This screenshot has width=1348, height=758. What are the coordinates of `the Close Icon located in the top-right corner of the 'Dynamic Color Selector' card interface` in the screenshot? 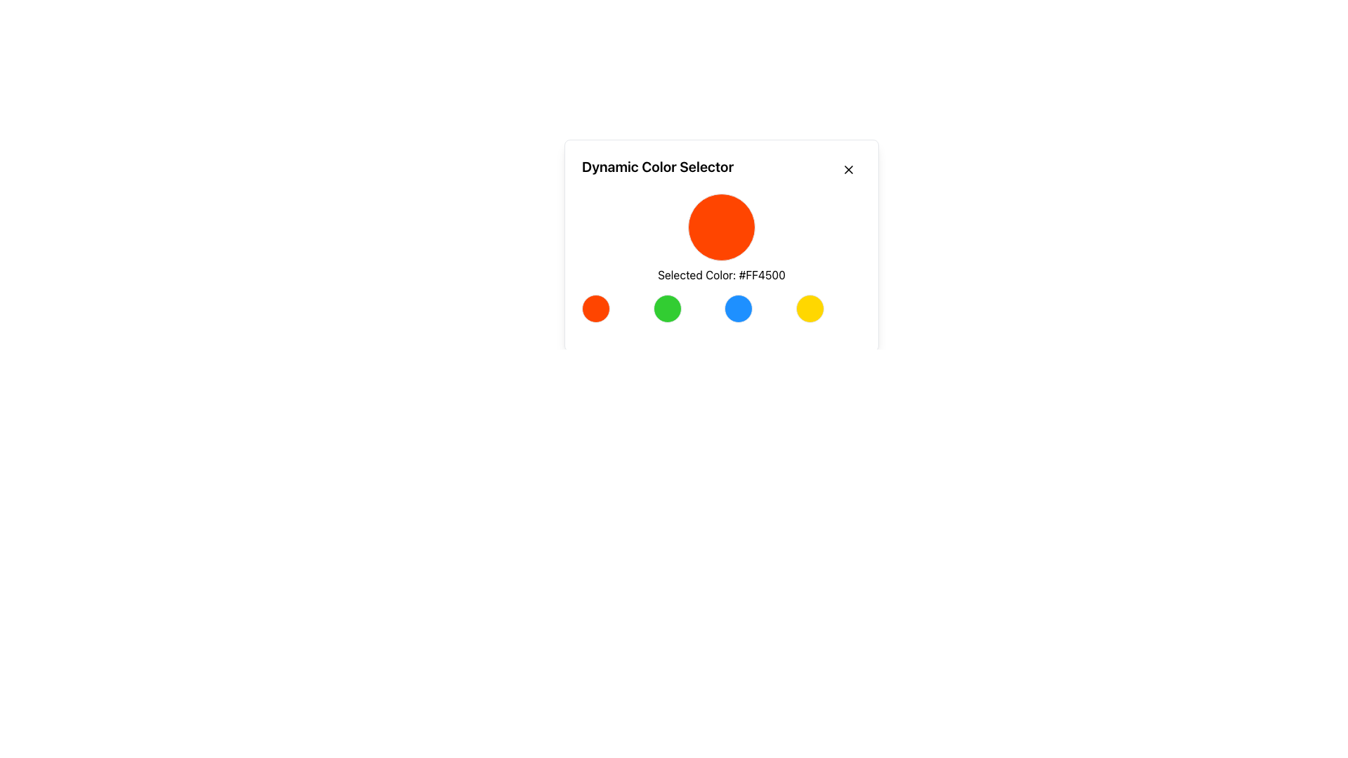 It's located at (848, 169).